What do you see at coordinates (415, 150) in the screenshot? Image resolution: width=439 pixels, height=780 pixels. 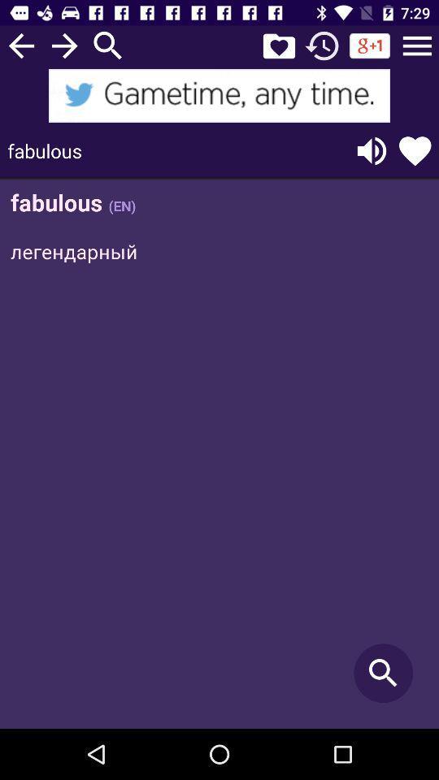 I see `like option` at bounding box center [415, 150].